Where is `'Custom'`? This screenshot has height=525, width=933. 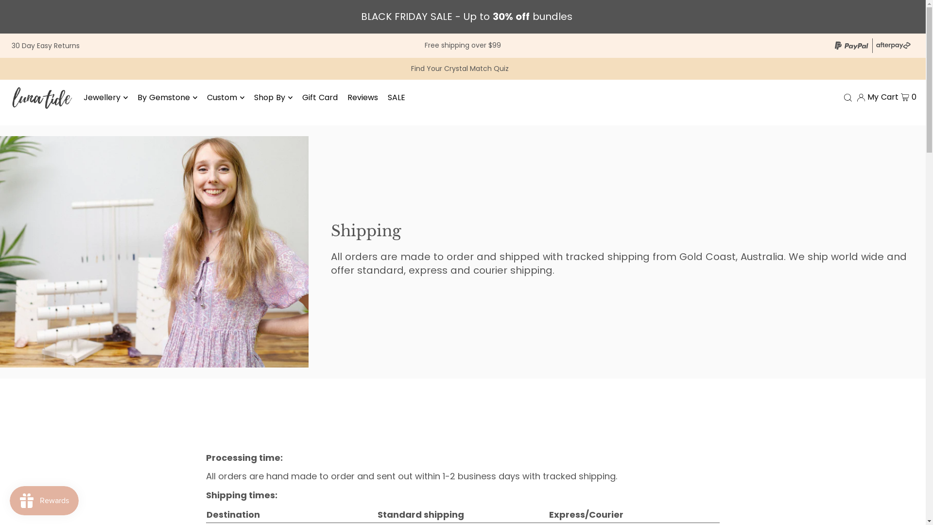
'Custom' is located at coordinates (207, 97).